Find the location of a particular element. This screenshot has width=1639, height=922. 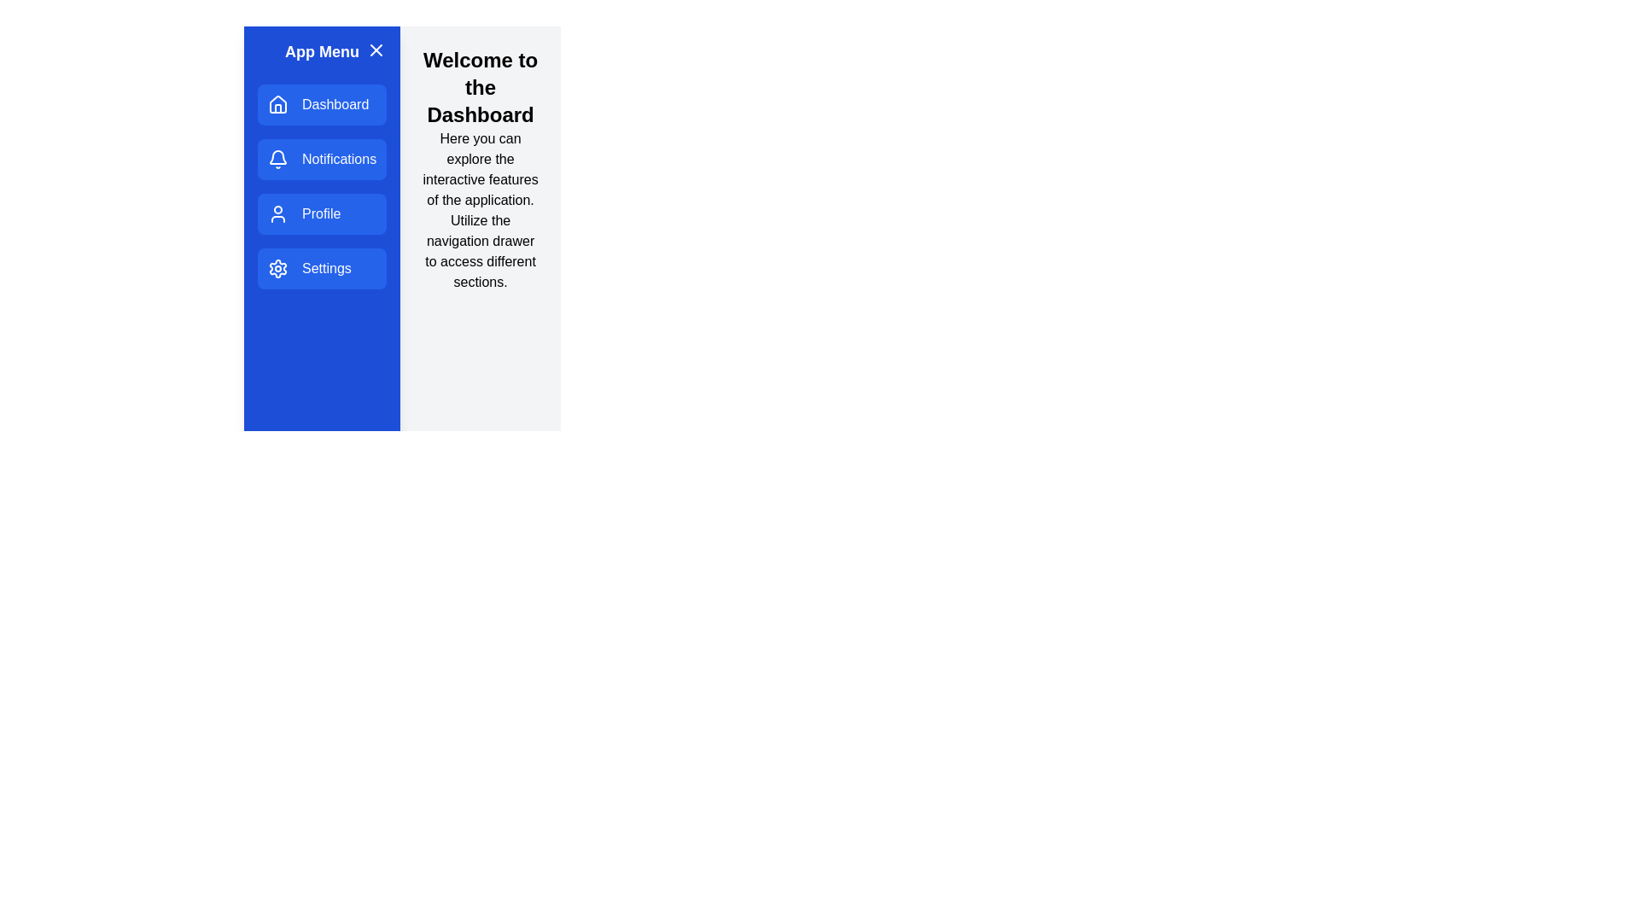

the rectangular blue button labeled 'Notifications' with a white bell icon is located at coordinates (322, 159).